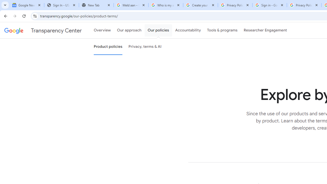 This screenshot has width=327, height=184. What do you see at coordinates (188, 30) in the screenshot?
I see `'Accountability'` at bounding box center [188, 30].